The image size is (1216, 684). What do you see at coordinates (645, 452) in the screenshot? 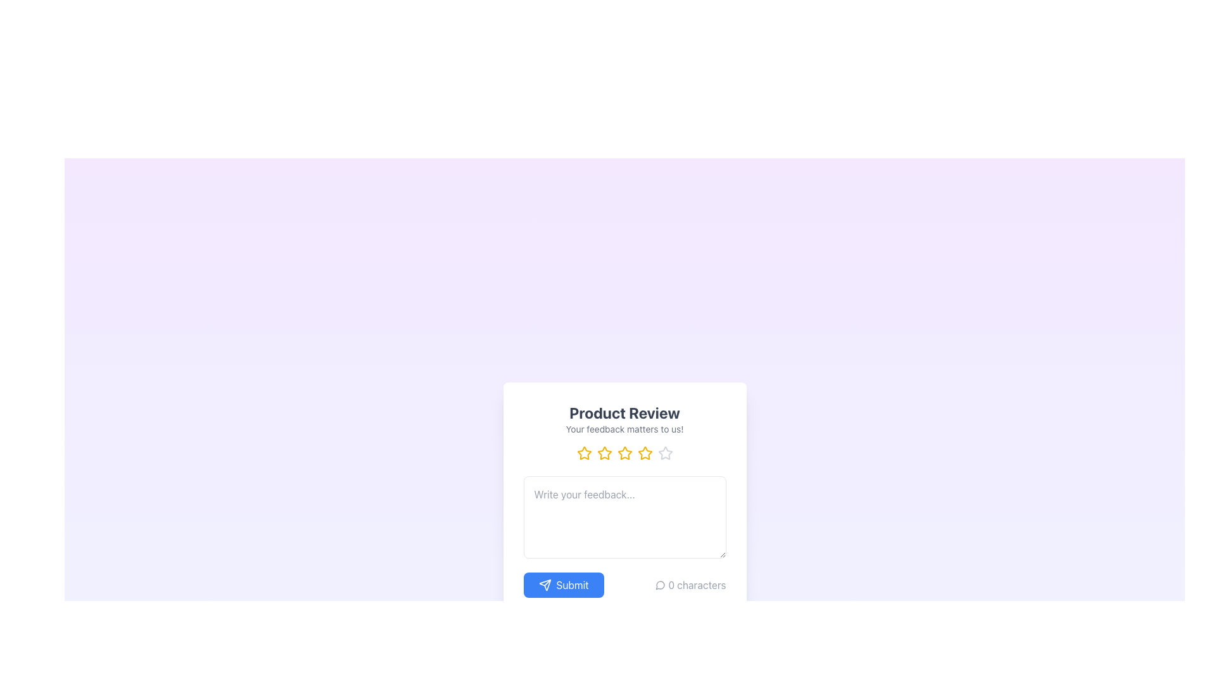
I see `the fourth rating star in the feedback form` at bounding box center [645, 452].